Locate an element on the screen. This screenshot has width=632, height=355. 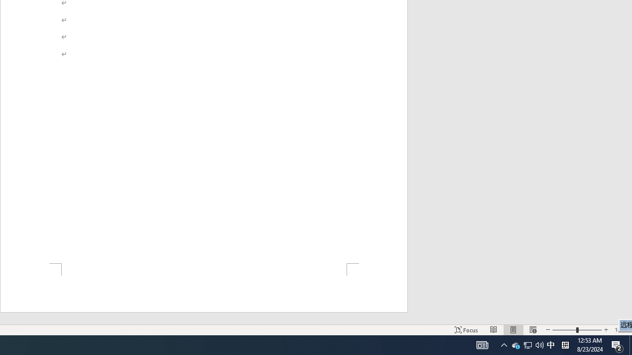
'Web Layout' is located at coordinates (532, 330).